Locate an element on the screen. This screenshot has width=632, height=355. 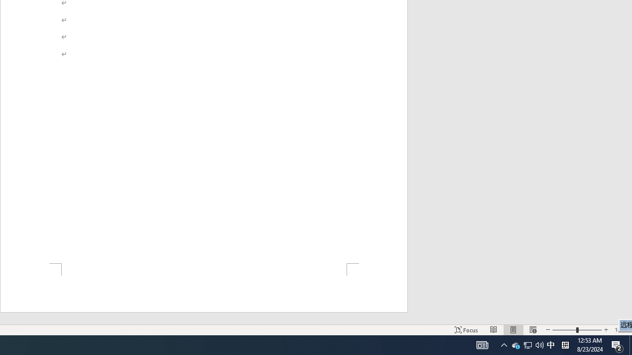
'Web Layout' is located at coordinates (532, 330).